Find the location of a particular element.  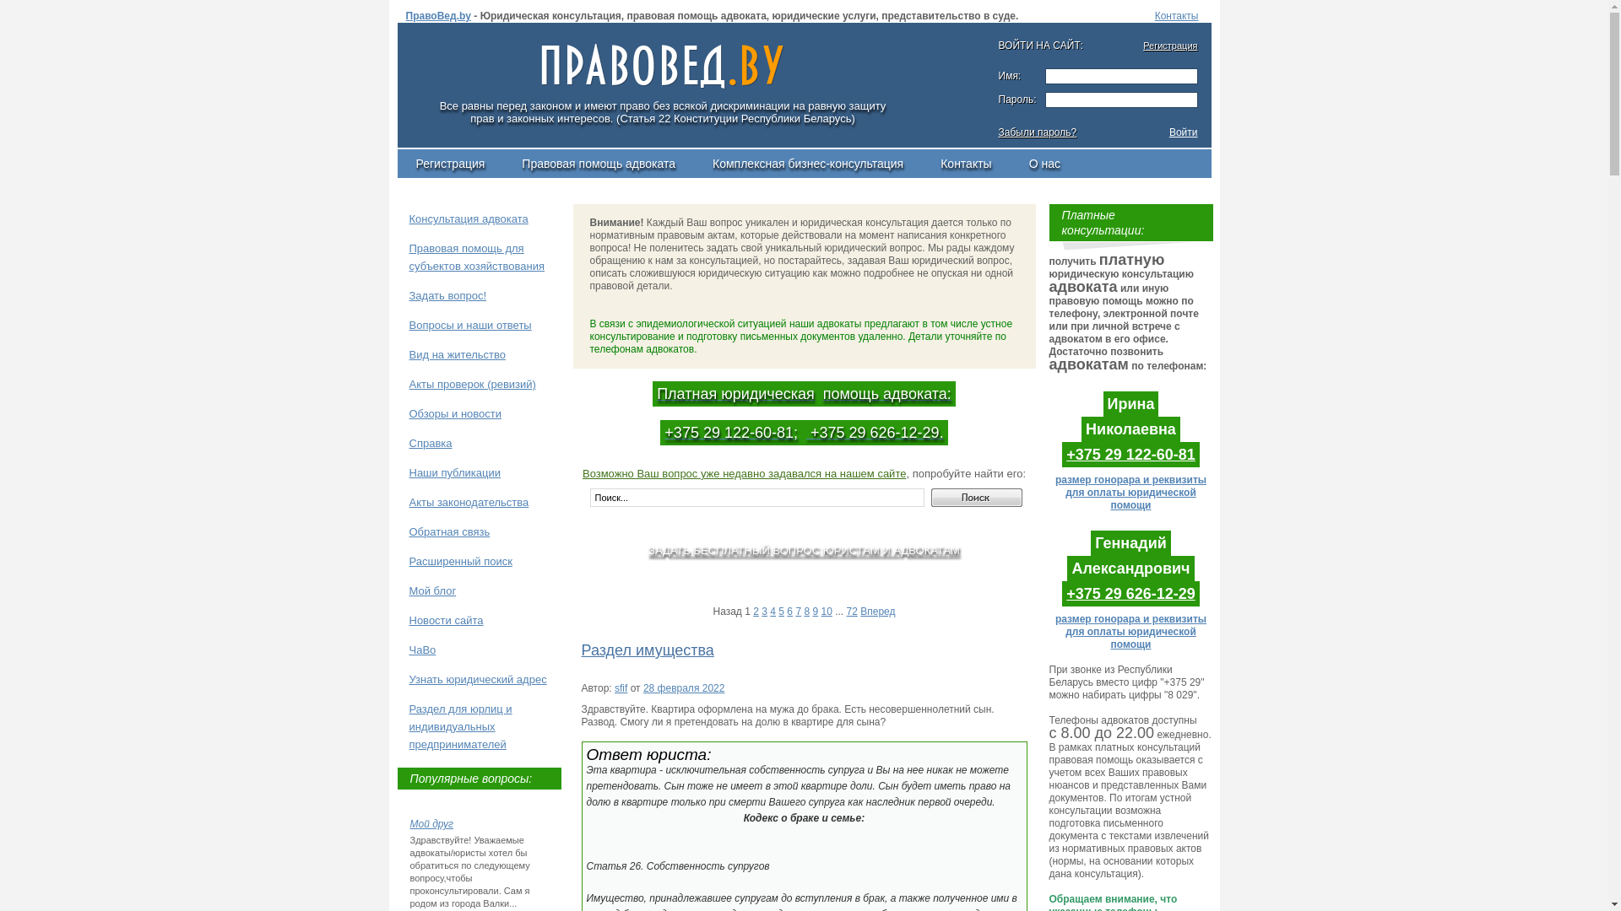

'10' is located at coordinates (826, 612).